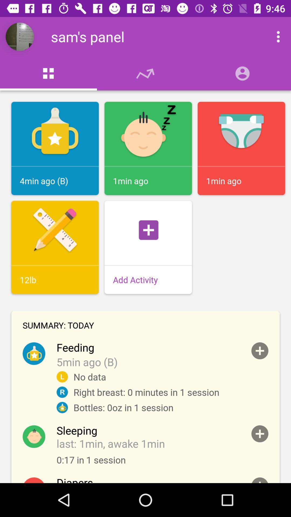 Image resolution: width=291 pixels, height=517 pixels. Describe the element at coordinates (259, 434) in the screenshot. I see `option` at that location.